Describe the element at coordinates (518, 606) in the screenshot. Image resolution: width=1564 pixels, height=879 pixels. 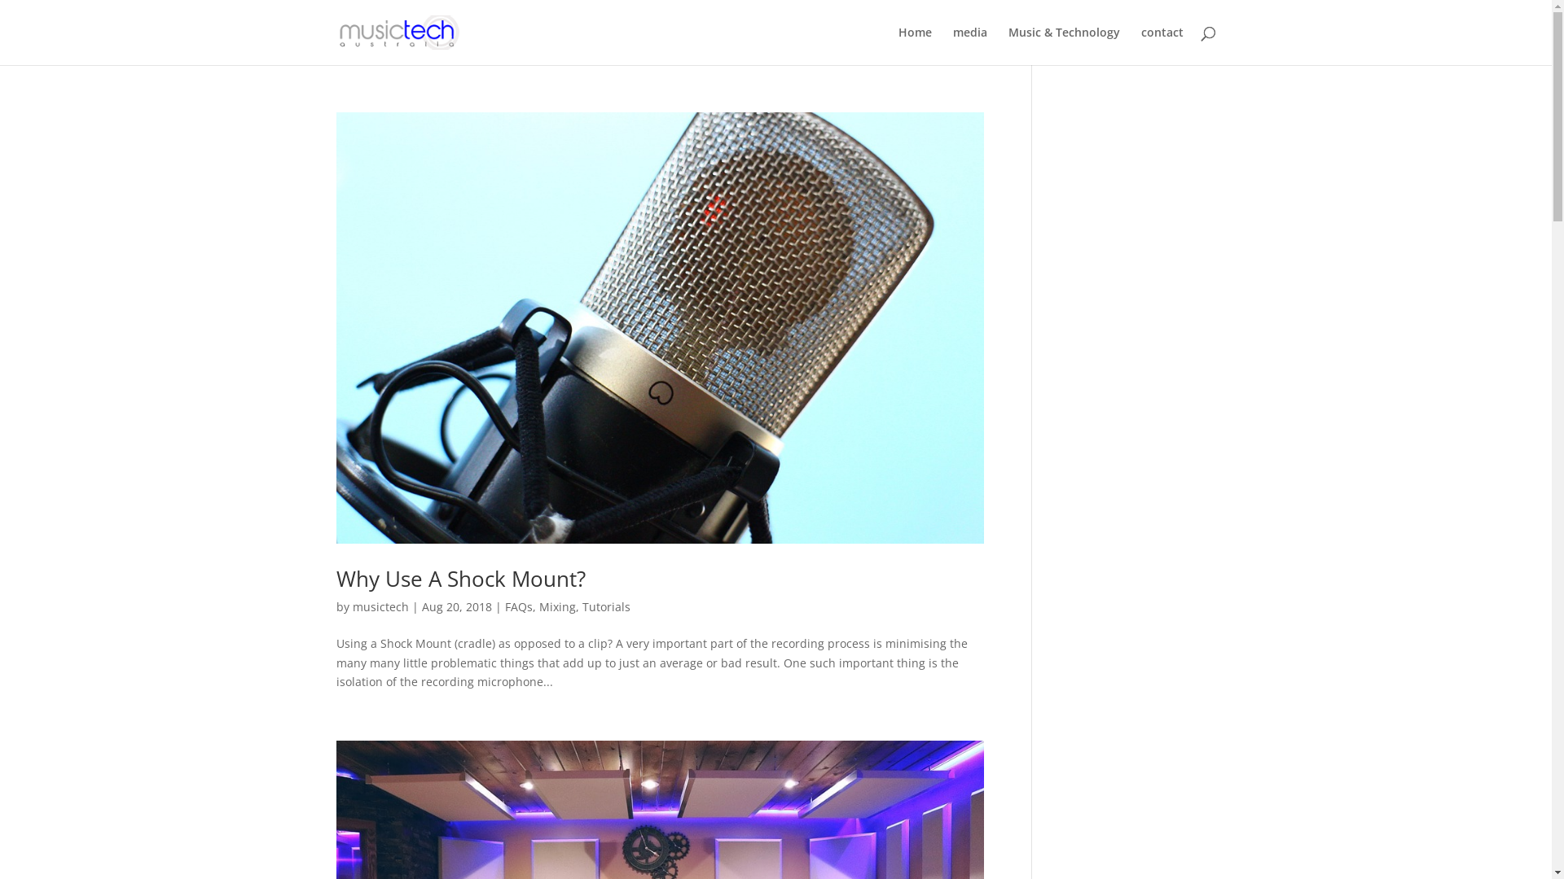
I see `'FAQs'` at that location.